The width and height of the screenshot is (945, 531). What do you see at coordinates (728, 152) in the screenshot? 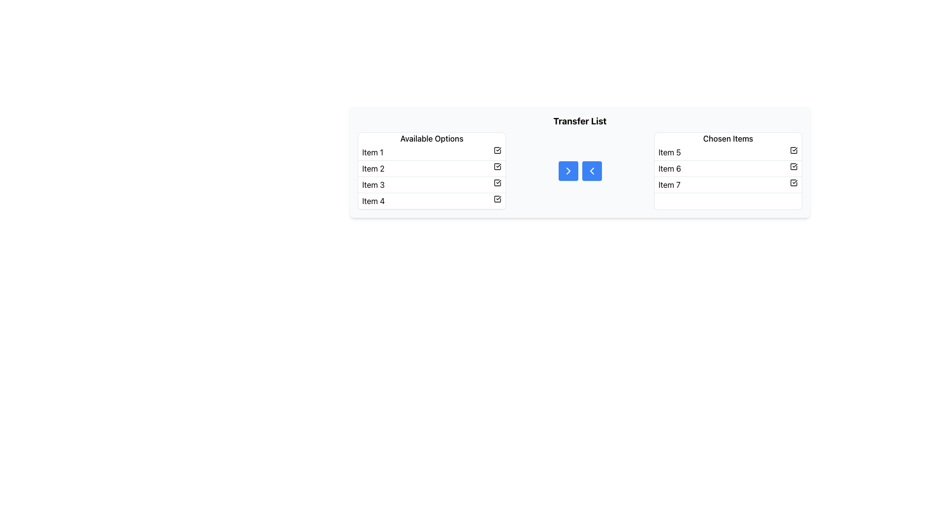
I see `the List item labeled 'Item 5' with a checkmark icon` at bounding box center [728, 152].